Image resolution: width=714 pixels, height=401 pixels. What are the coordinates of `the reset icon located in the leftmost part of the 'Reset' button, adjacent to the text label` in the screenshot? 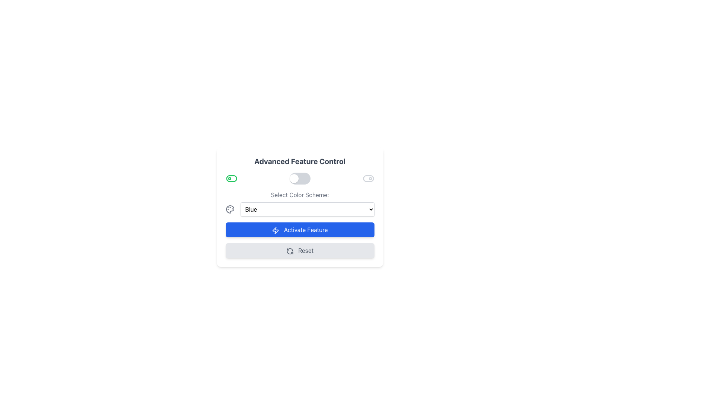 It's located at (289, 251).